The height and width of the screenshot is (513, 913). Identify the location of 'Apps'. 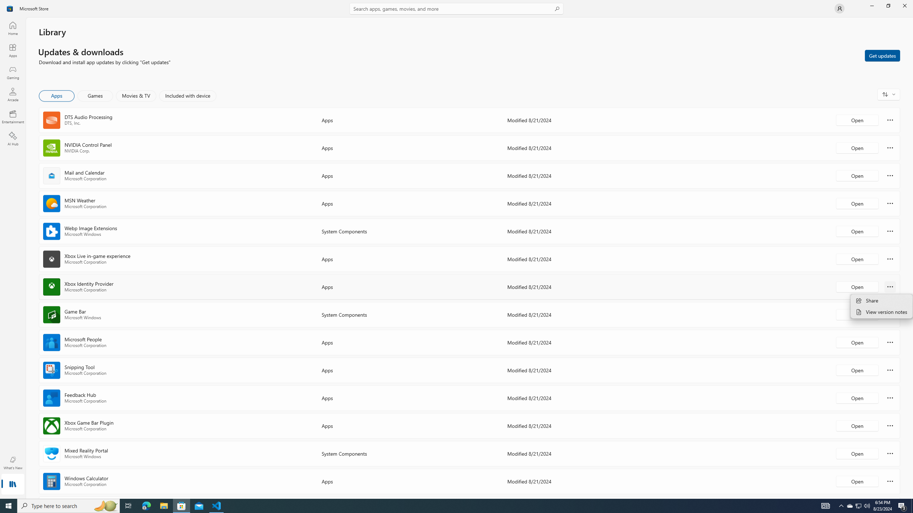
(12, 50).